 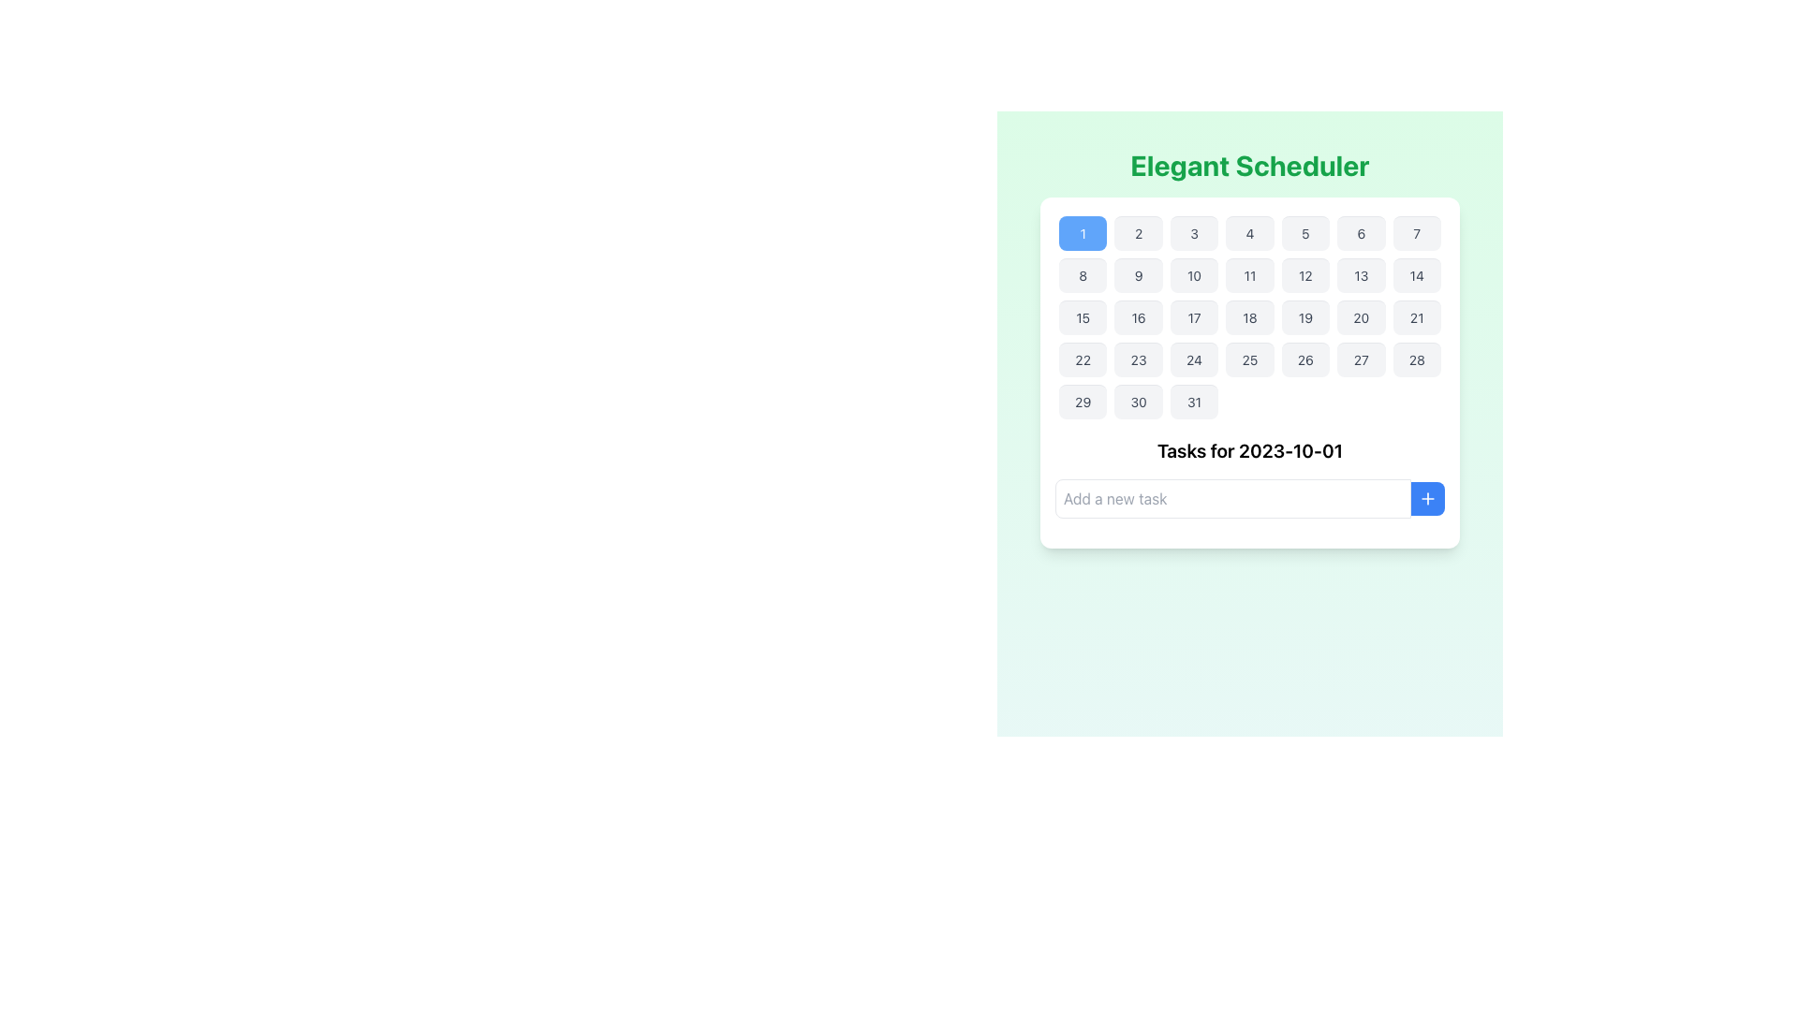 I want to click on the selectable day button representing the third day of the month in the calendar interface, so click(x=1193, y=232).